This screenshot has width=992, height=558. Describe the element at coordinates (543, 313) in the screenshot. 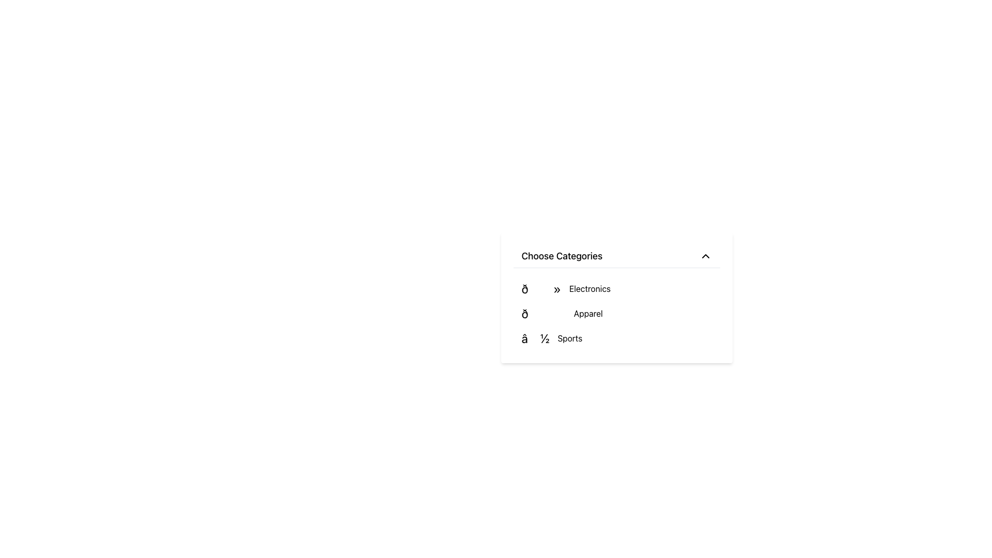

I see `the high-heeled shoe emoji-like icon indicating the apparel category` at that location.